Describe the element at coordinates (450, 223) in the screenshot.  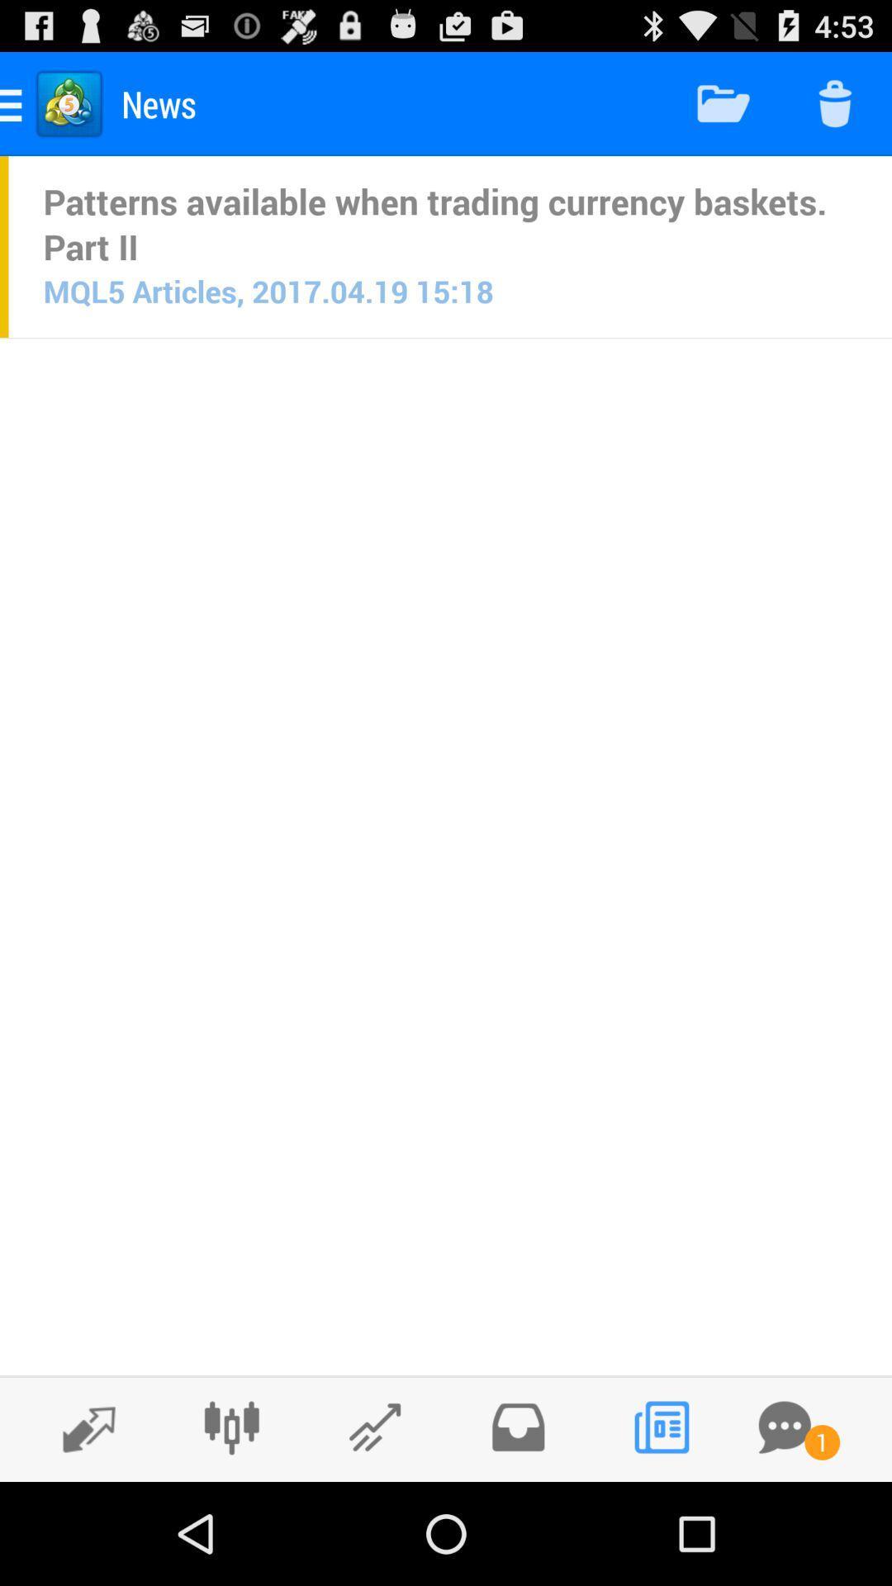
I see `item at the top` at that location.